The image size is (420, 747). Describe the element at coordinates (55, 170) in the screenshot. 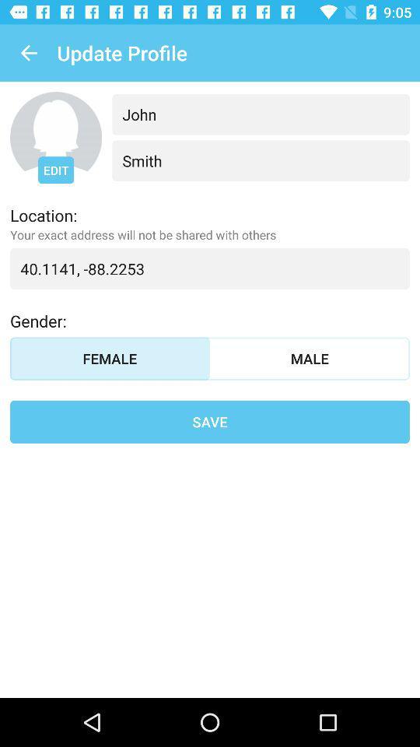

I see `the item next to the smith icon` at that location.